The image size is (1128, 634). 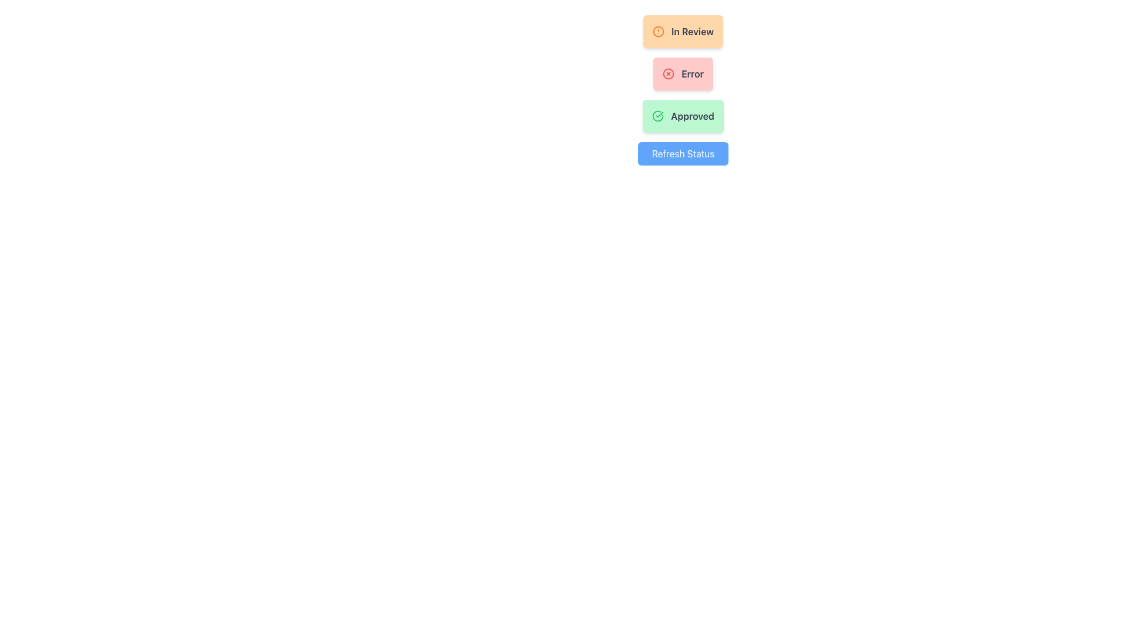 I want to click on the non-interactive status indicator displaying 'In Review', which is the first element in a vertical stack above the 'Error' button, so click(x=683, y=31).